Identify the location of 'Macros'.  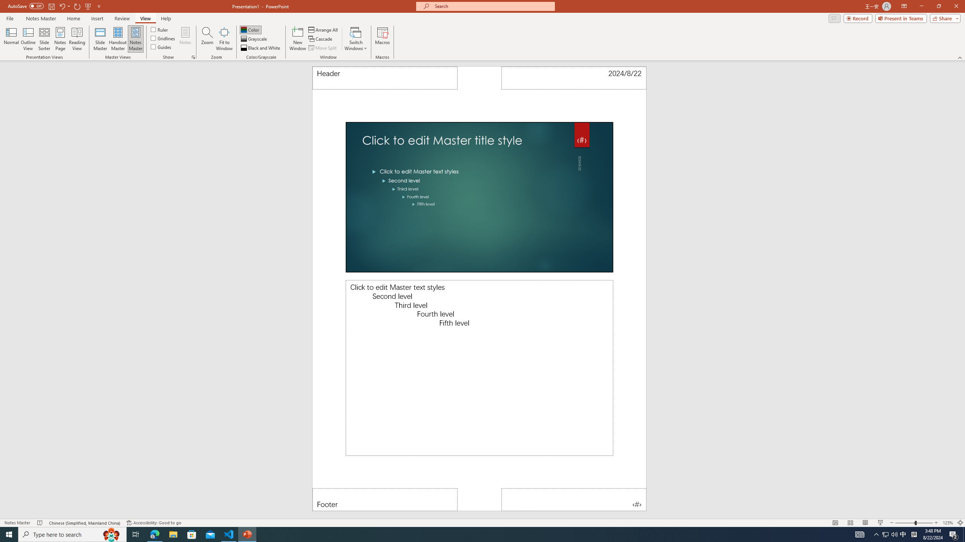
(383, 39).